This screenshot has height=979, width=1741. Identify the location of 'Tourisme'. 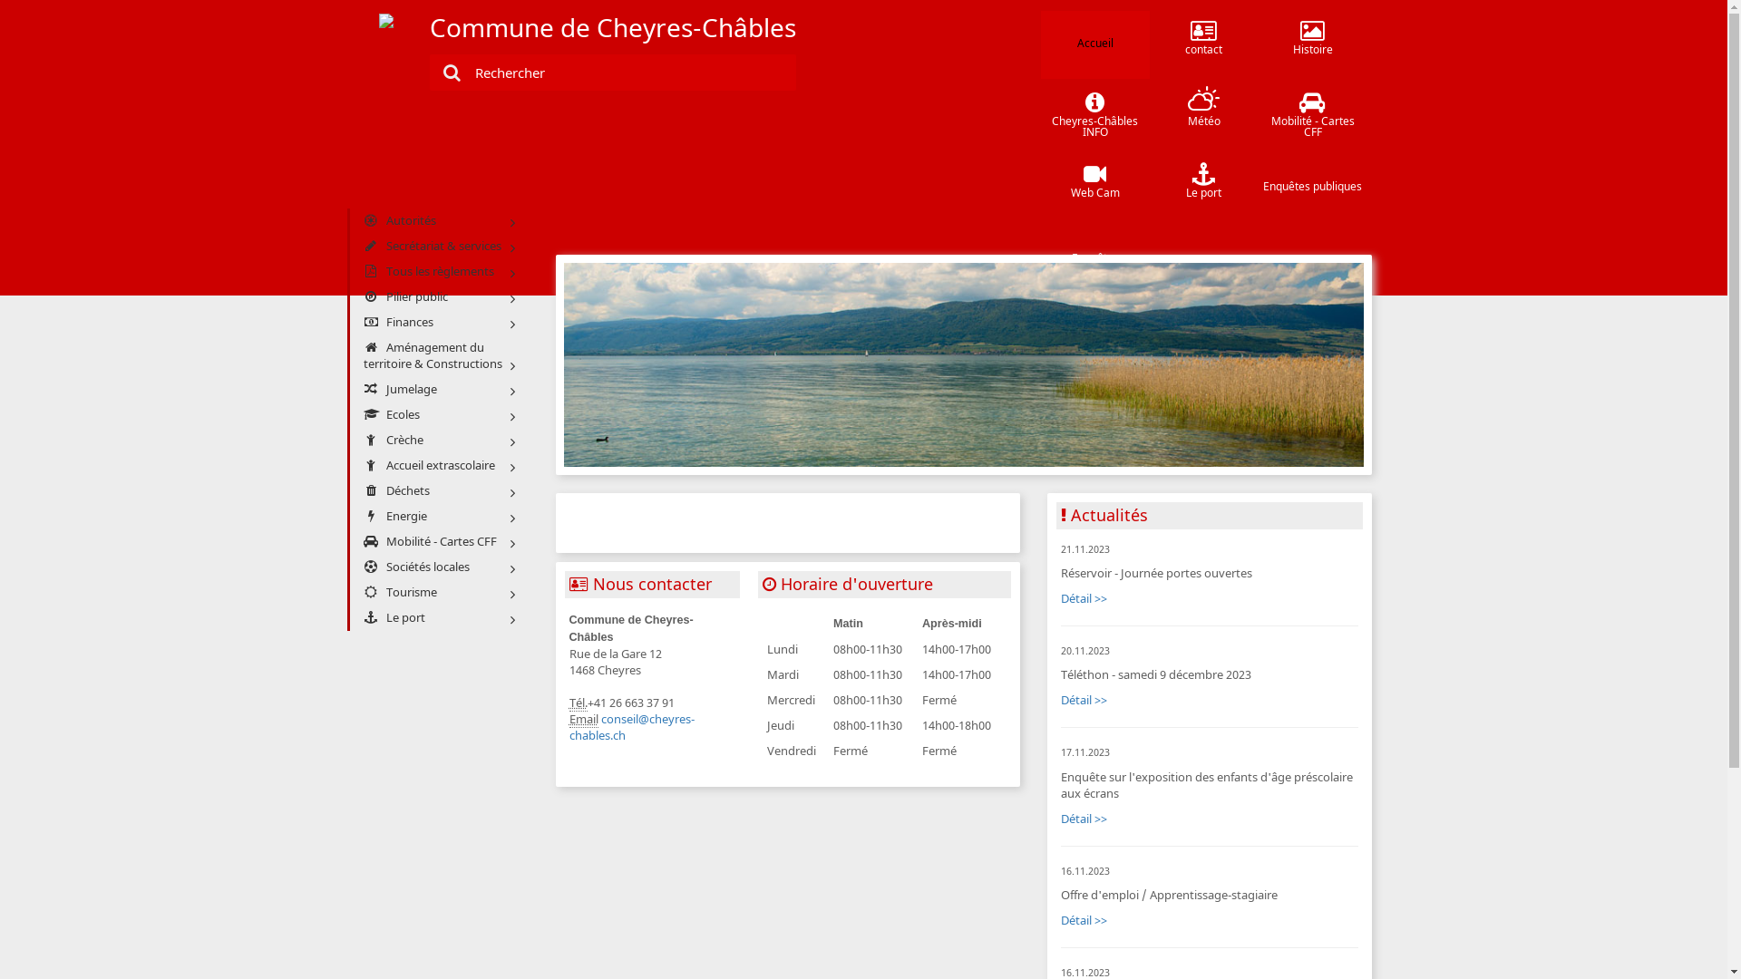
(436, 593).